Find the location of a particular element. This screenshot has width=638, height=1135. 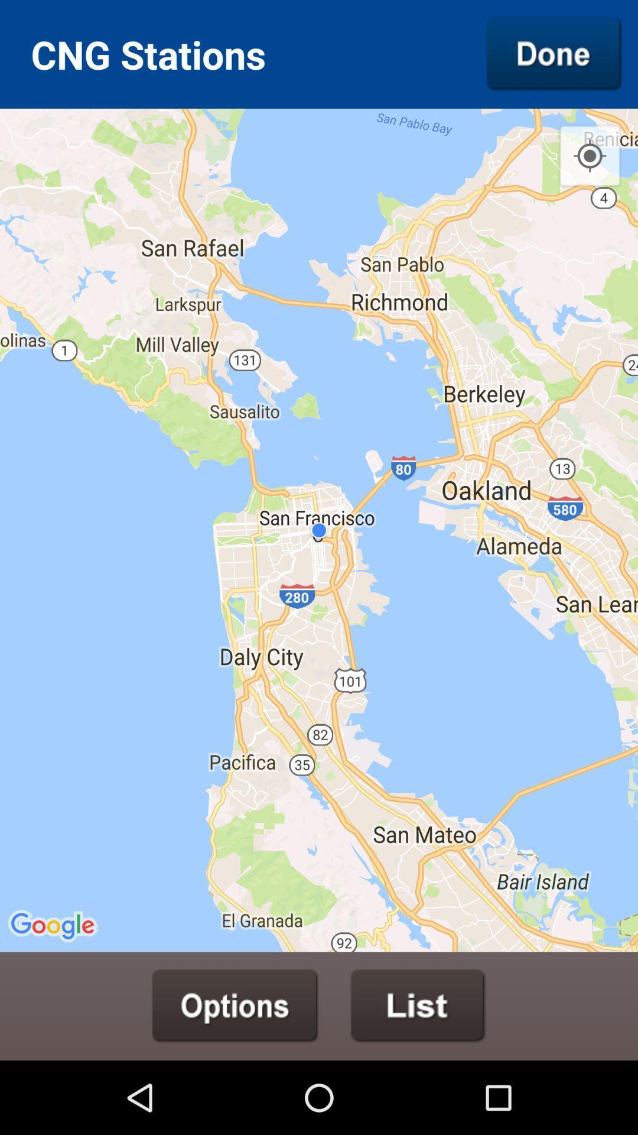

the item at the center is located at coordinates (319, 530).